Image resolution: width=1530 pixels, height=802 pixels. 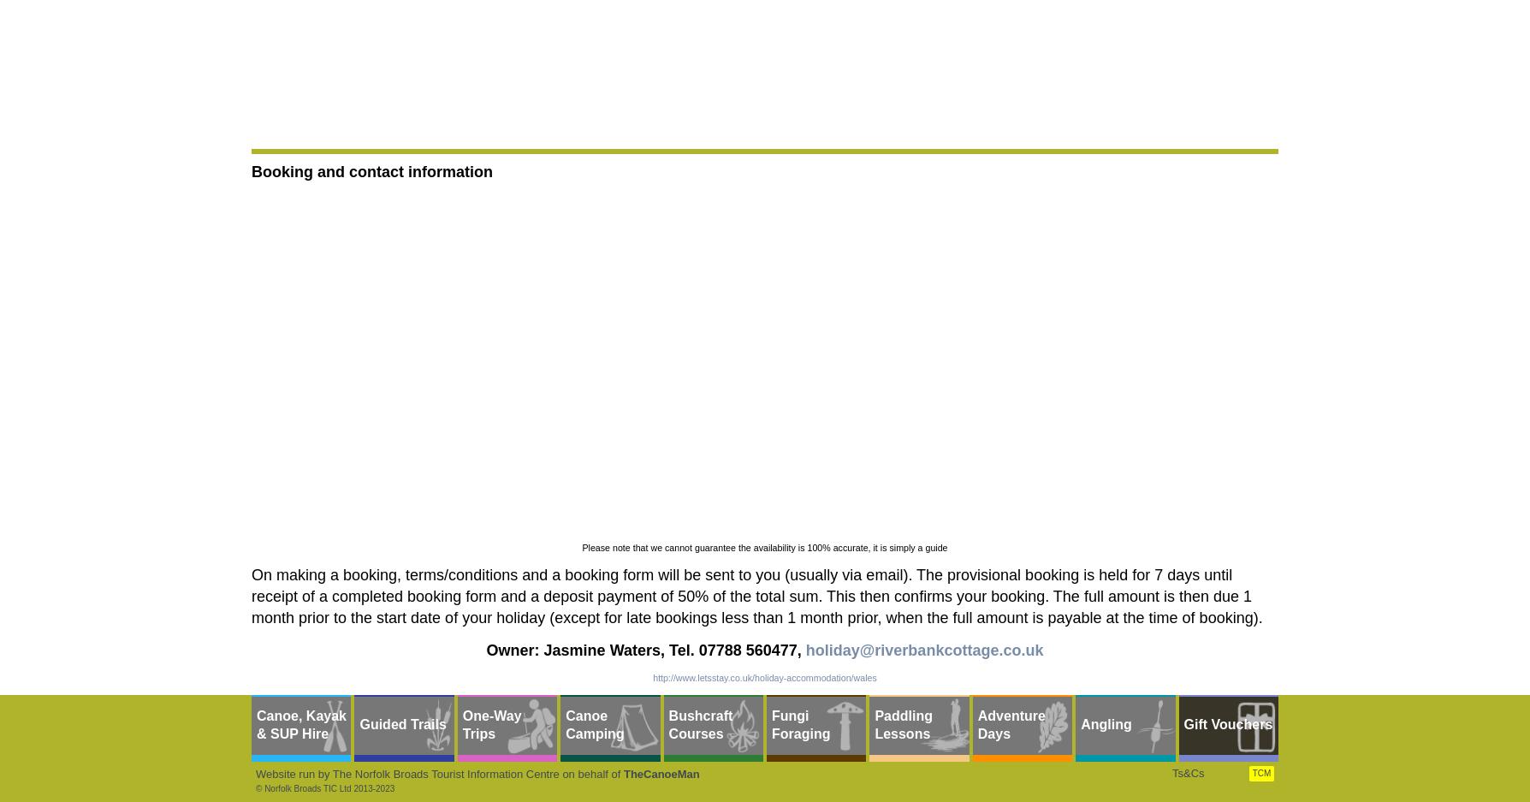 What do you see at coordinates (371, 170) in the screenshot?
I see `'Booking and contact information'` at bounding box center [371, 170].